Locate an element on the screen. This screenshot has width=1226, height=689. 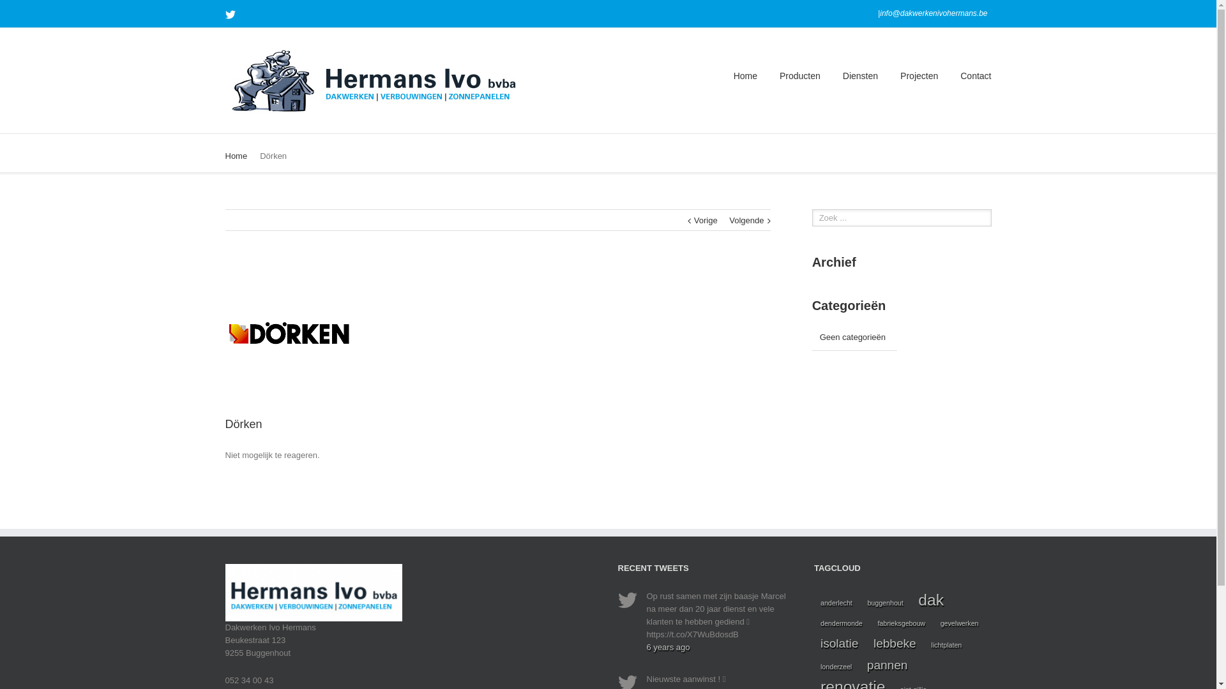
'Vorige' is located at coordinates (693, 220).